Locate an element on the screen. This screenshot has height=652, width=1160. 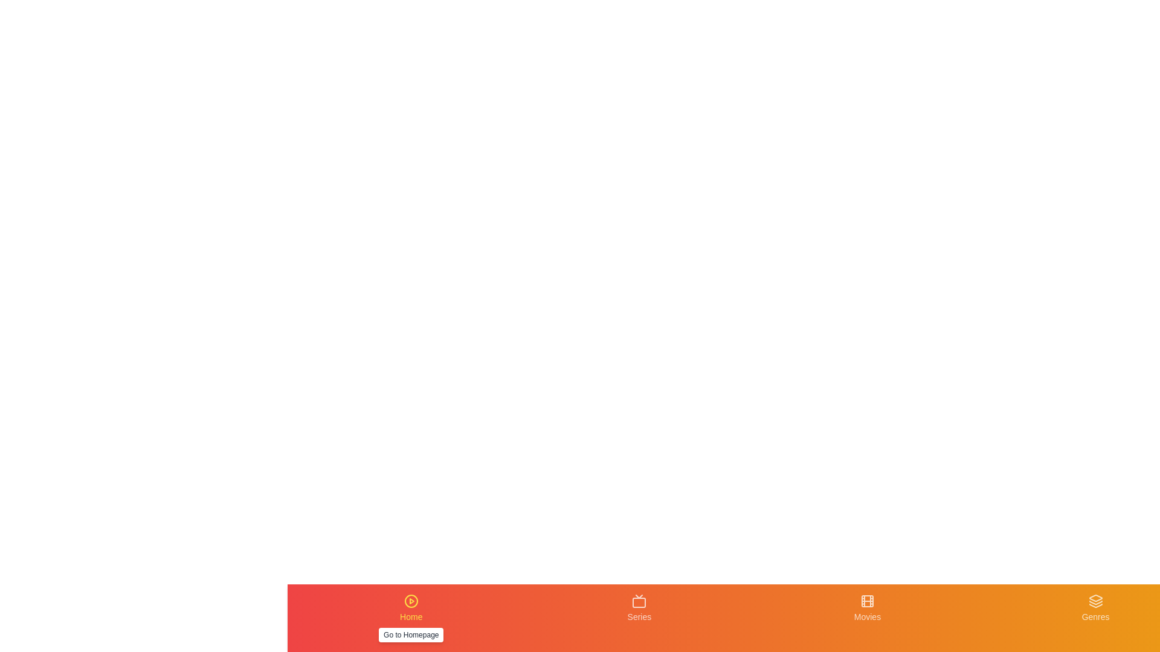
the tab labeled Movies to preview its details is located at coordinates (866, 618).